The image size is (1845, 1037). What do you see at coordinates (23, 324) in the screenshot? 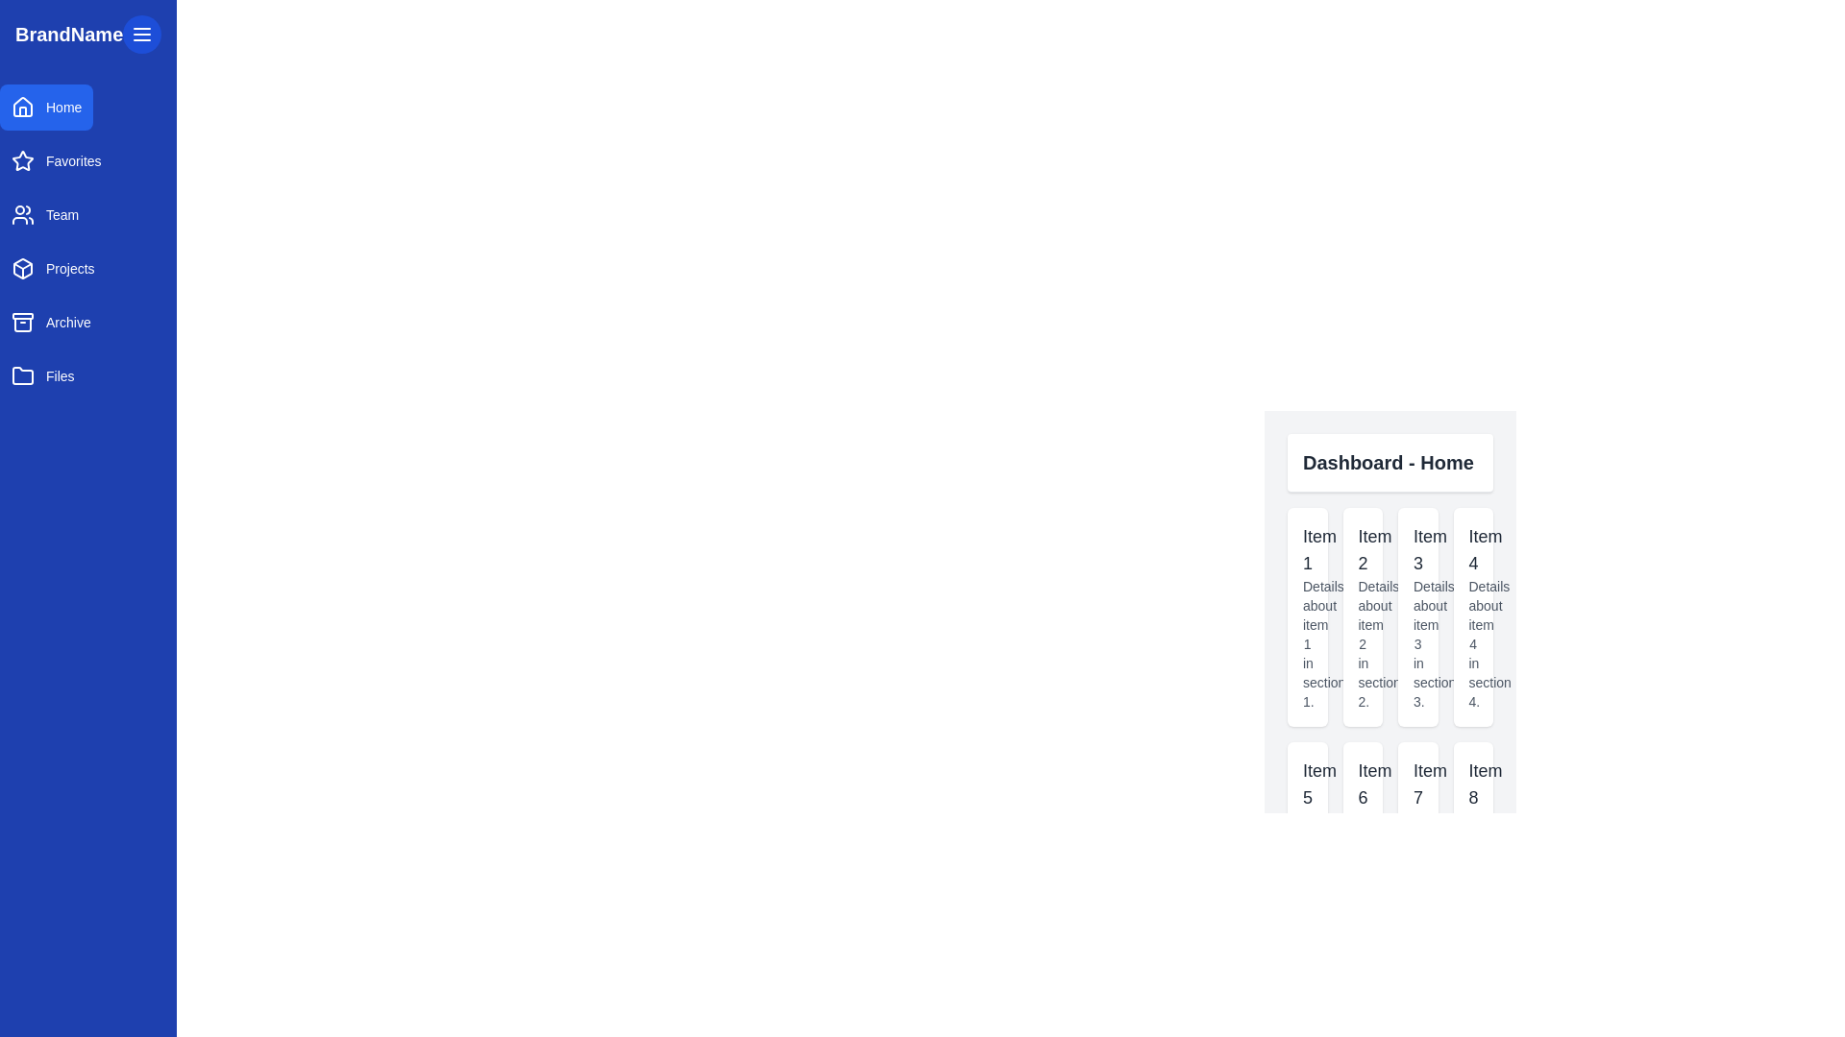
I see `the main body of the archive icon located in the vertical navigation menu, situated between the 'Projects' and 'Files' icons` at bounding box center [23, 324].